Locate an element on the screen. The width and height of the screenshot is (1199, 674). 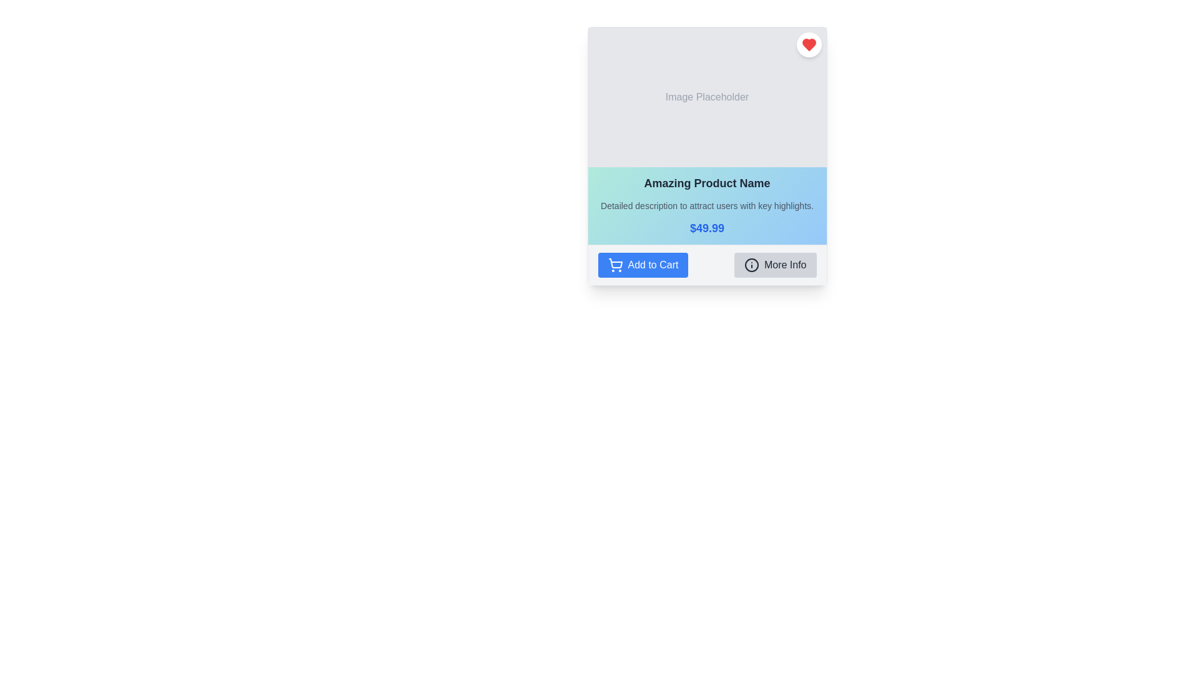
the add to cart button located in the bottom-left portion of a card-like component, adjacent to the 'More Info' button is located at coordinates (643, 264).